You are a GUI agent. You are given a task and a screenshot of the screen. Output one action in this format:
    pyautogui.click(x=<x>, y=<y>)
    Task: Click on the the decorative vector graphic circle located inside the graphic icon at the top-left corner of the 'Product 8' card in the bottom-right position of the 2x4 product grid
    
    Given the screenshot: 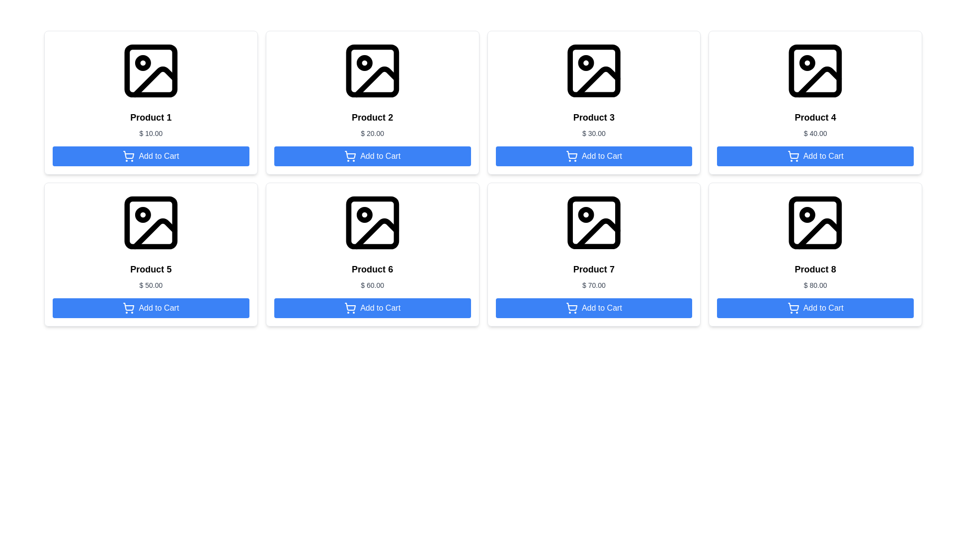 What is the action you would take?
    pyautogui.click(x=807, y=214)
    